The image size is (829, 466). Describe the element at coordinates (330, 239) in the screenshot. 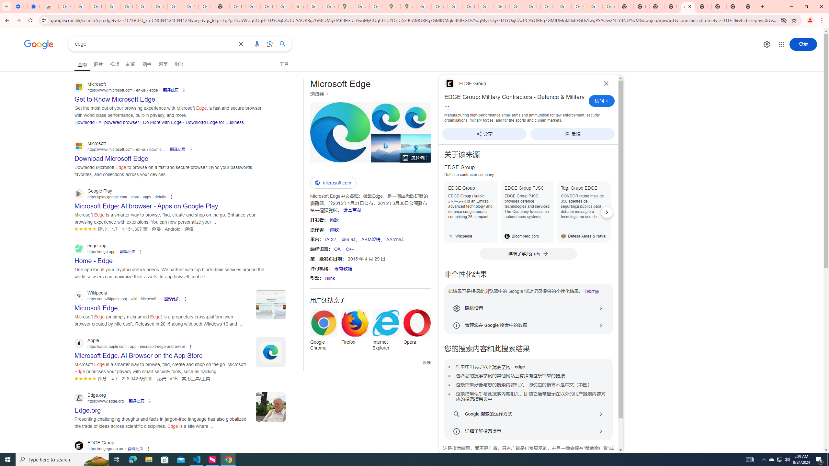

I see `'IA-32'` at that location.